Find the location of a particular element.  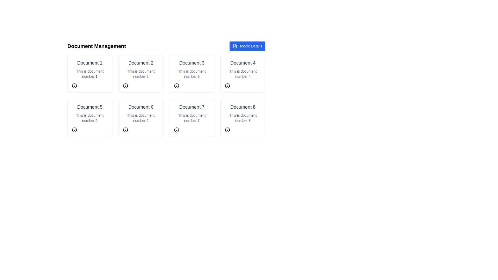

the circular icon with an outlined 'i' character located at the bottom-right of the card titled 'Document 8' is located at coordinates (227, 130).